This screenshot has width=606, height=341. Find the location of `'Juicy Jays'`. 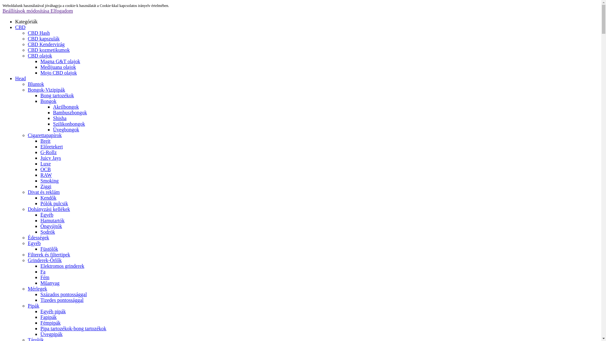

'Juicy Jays' is located at coordinates (50, 158).